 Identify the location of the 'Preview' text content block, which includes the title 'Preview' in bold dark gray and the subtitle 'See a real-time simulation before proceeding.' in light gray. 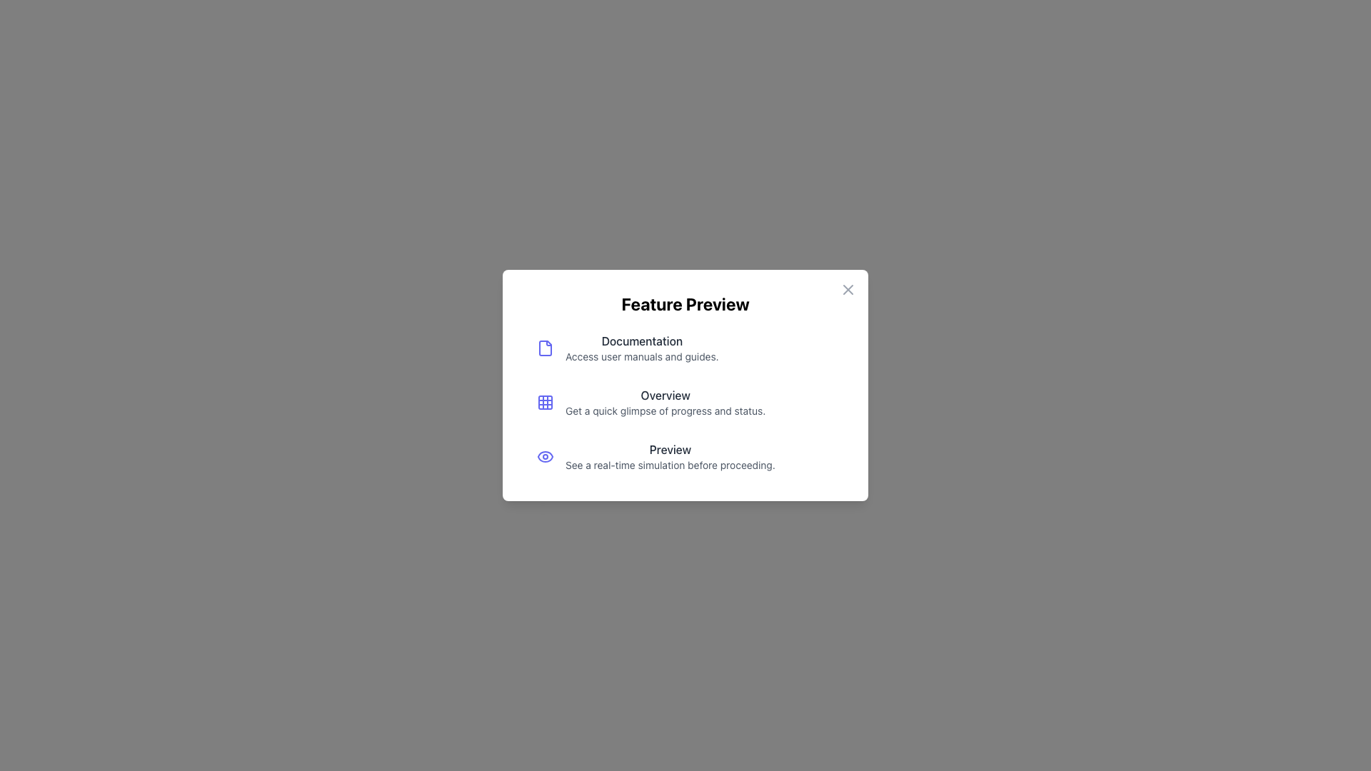
(669, 457).